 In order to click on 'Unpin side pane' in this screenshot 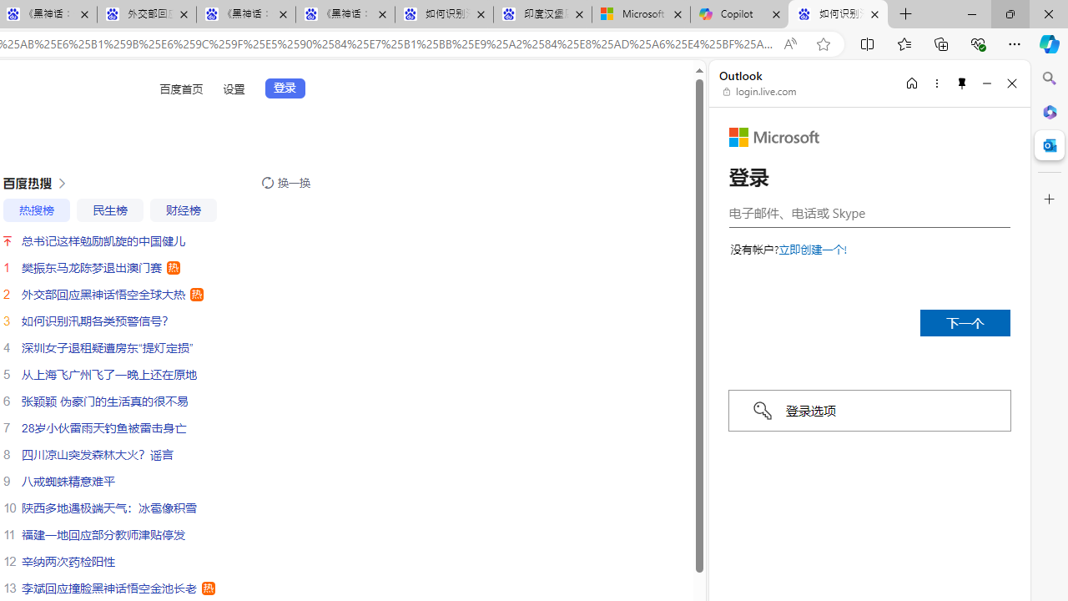, I will do `click(962, 83)`.